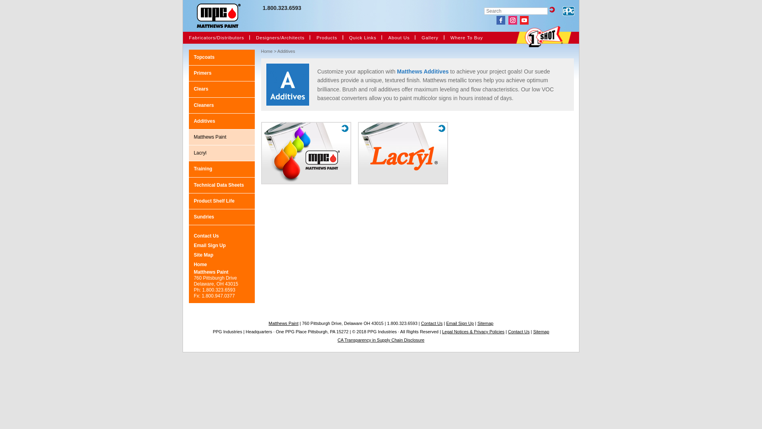  I want to click on 'Sitemap', so click(541, 331).